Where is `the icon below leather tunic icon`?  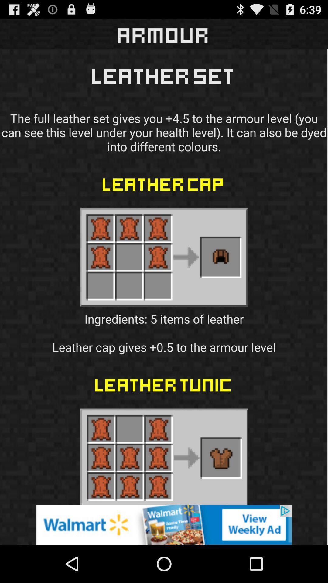 the icon below leather tunic icon is located at coordinates (164, 524).